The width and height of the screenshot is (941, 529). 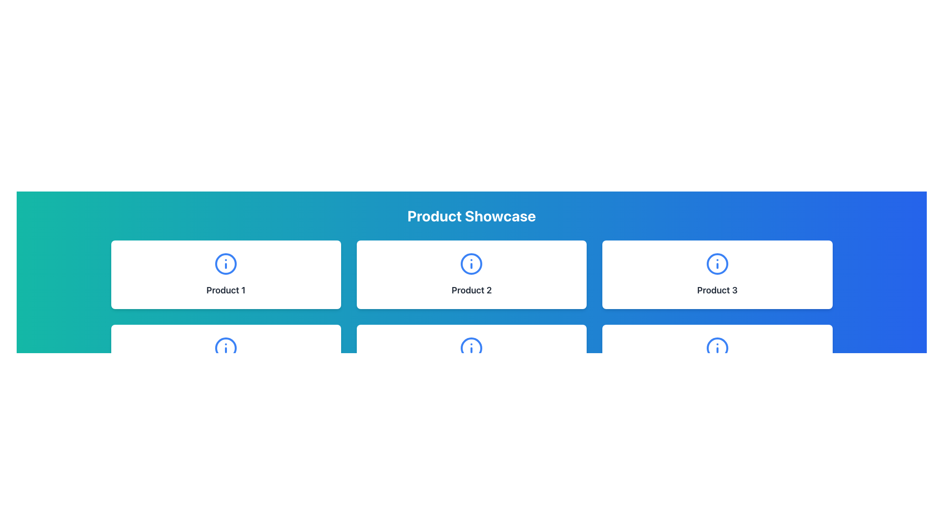 What do you see at coordinates (471, 359) in the screenshot?
I see `the Informational Card representing 'Product 5' located` at bounding box center [471, 359].